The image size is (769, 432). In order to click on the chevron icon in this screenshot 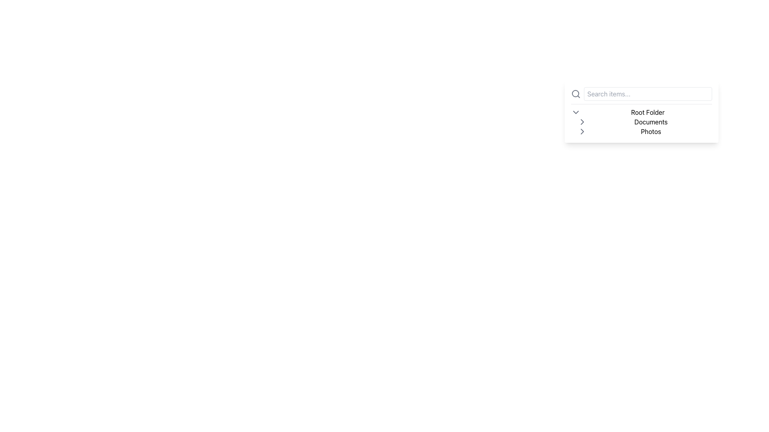, I will do `click(575, 112)`.